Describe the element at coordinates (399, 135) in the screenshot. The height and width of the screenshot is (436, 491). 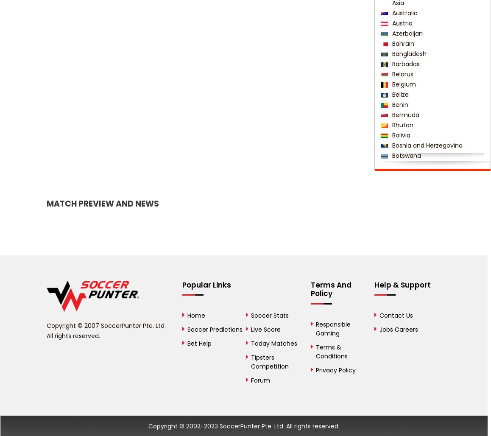
I see `'Bolivia'` at that location.